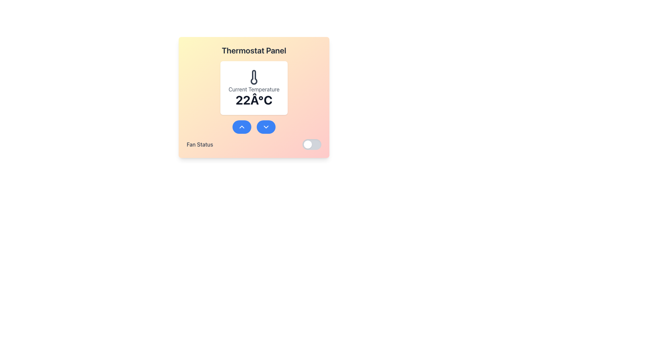  Describe the element at coordinates (253, 105) in the screenshot. I see `the Information Display Card that shows the current temperature in Celsius, located under the 'Thermostat Panel' header` at that location.